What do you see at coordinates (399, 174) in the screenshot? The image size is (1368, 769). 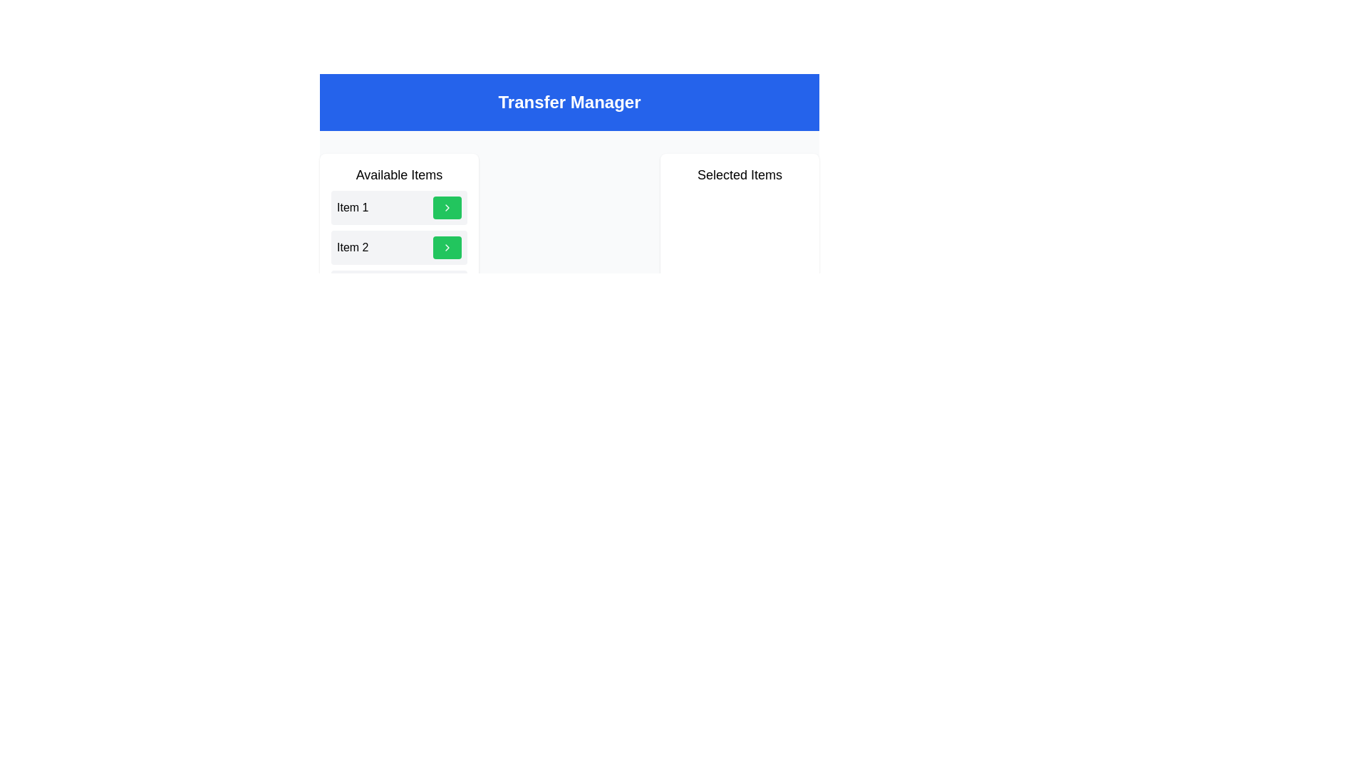 I see `the 'Available Items' text header, which is styled with a bold font and larger size, indicating its importance in the left panel of the interface` at bounding box center [399, 174].